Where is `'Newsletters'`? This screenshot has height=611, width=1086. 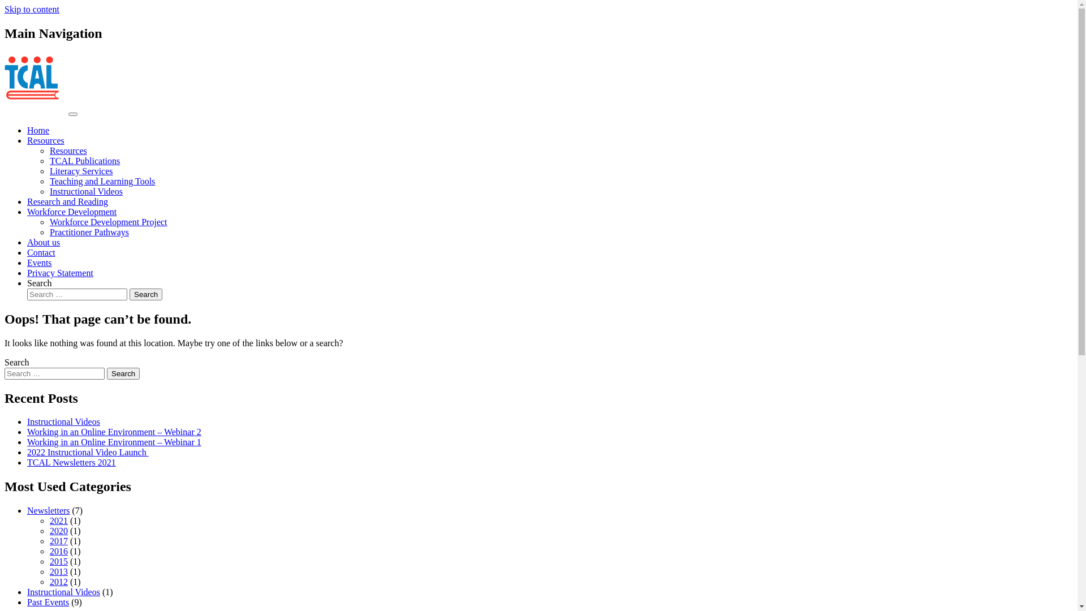 'Newsletters' is located at coordinates (27, 510).